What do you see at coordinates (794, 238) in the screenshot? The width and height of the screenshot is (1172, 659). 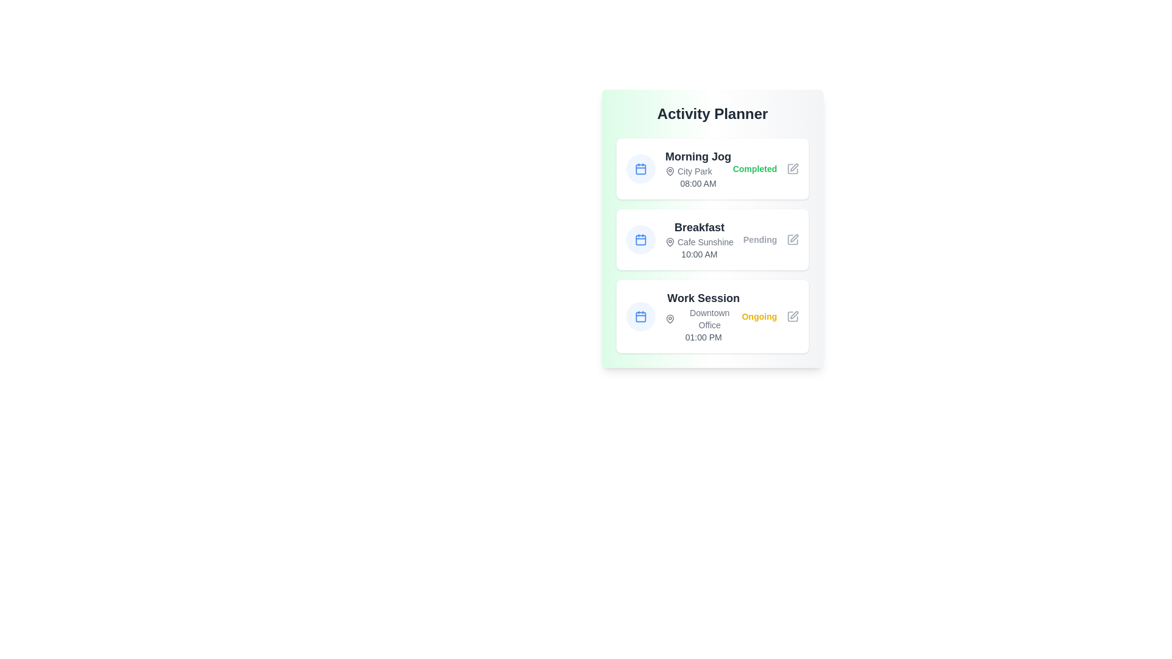 I see `the edit icon resembling a pen within the rounded square frame located on the right side of the 'Breakfast' activity card` at bounding box center [794, 238].